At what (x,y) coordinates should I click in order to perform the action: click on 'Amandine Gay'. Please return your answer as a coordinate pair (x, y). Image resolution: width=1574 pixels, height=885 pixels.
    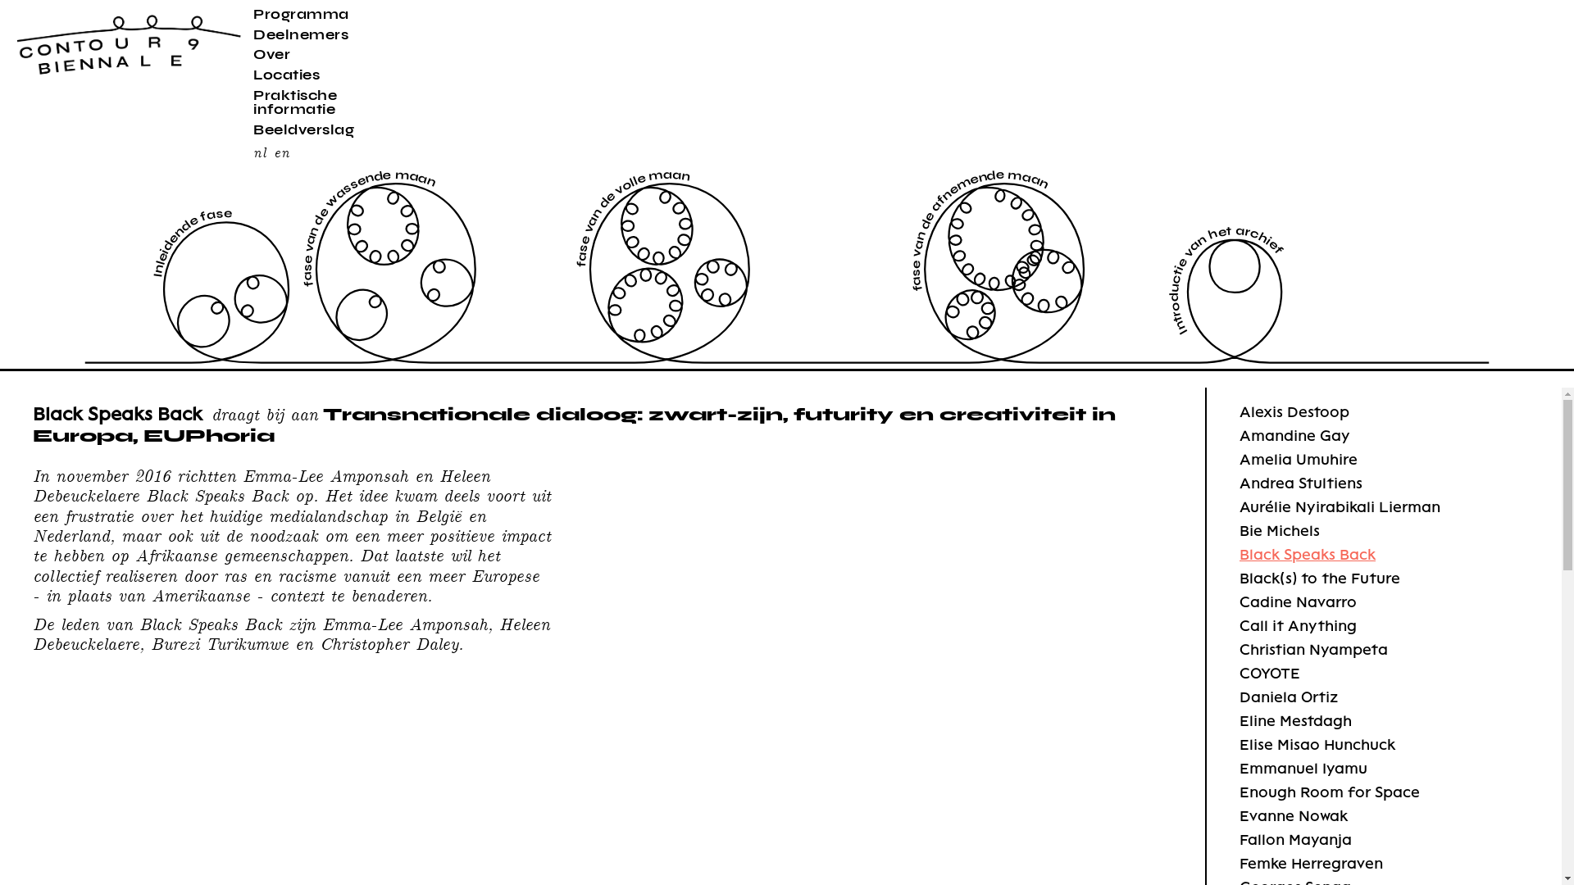
    Looking at the image, I should click on (1240, 434).